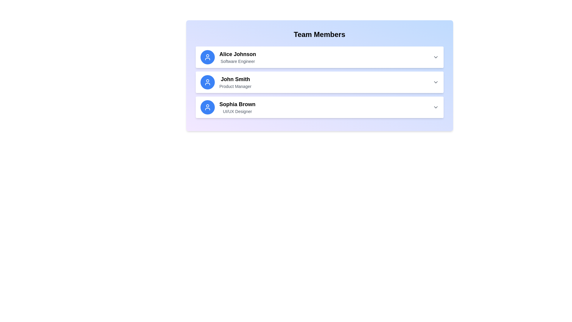  I want to click on the user profile icon represented by a white outline of a person within a circular blue button, located in the group associated with 'Sophia Brown', so click(207, 107).